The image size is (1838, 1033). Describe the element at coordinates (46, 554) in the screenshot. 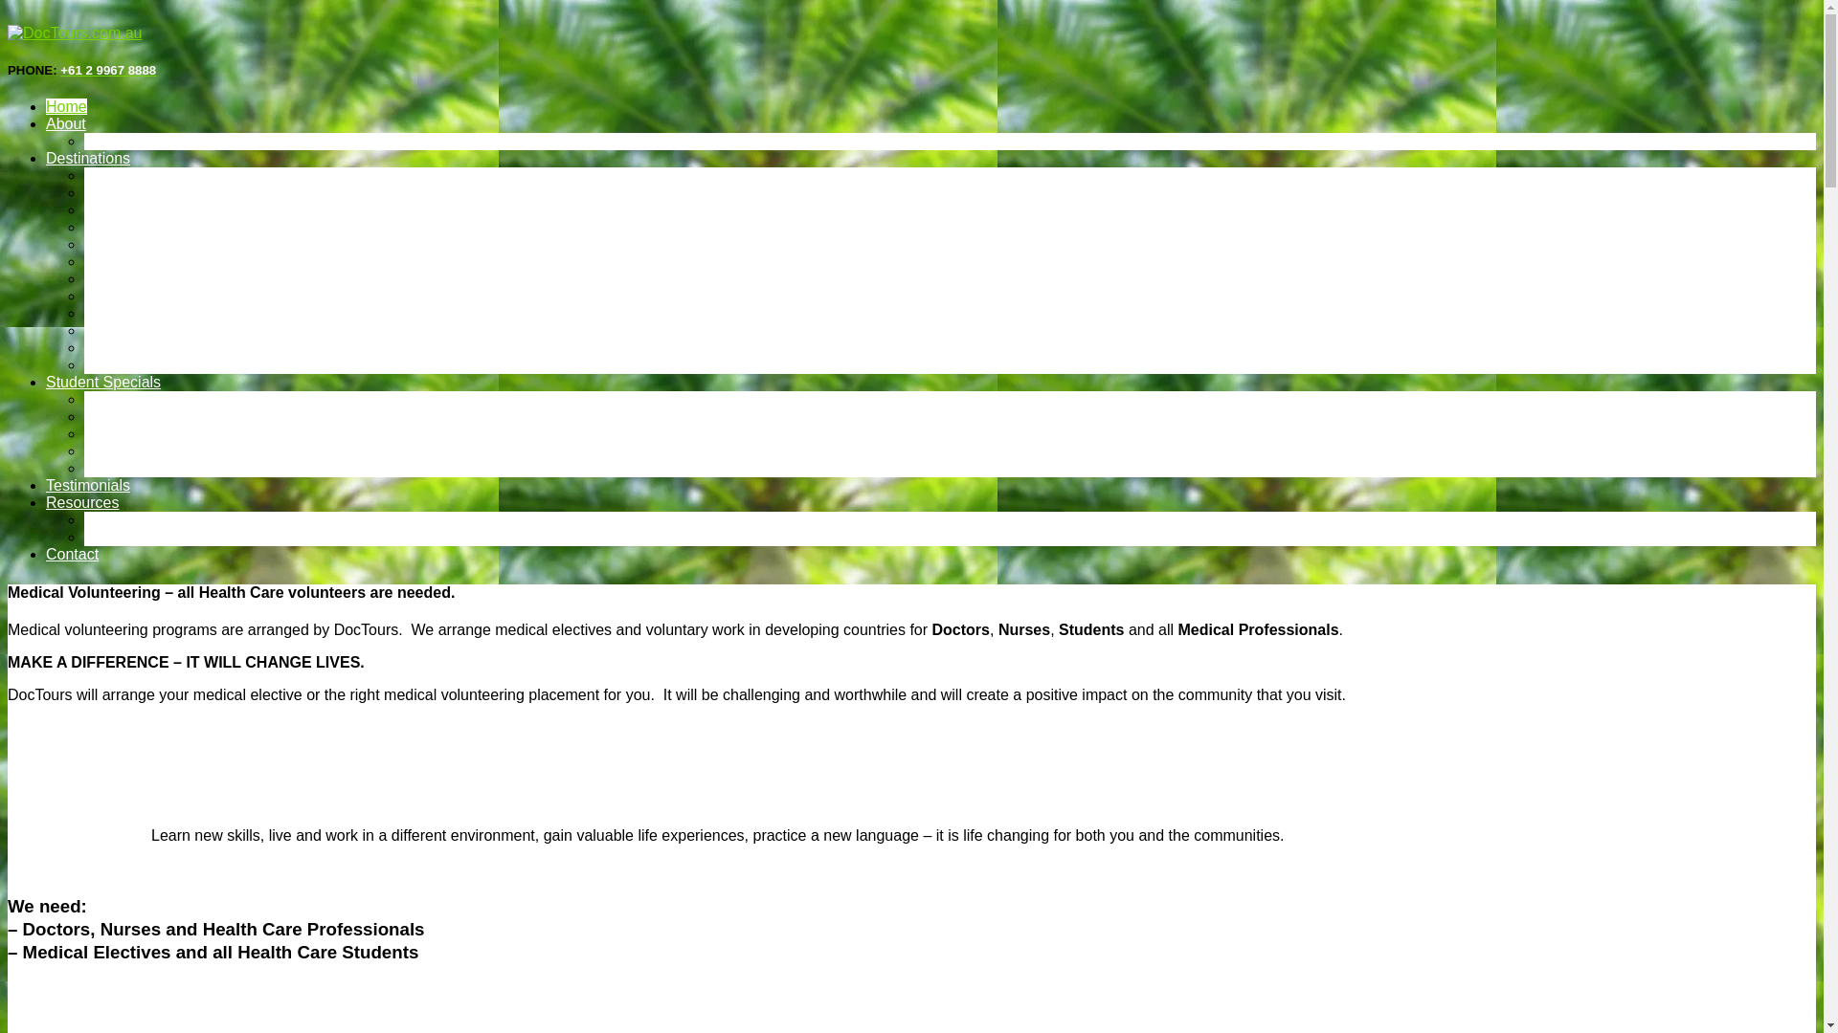

I see `'Contact'` at that location.